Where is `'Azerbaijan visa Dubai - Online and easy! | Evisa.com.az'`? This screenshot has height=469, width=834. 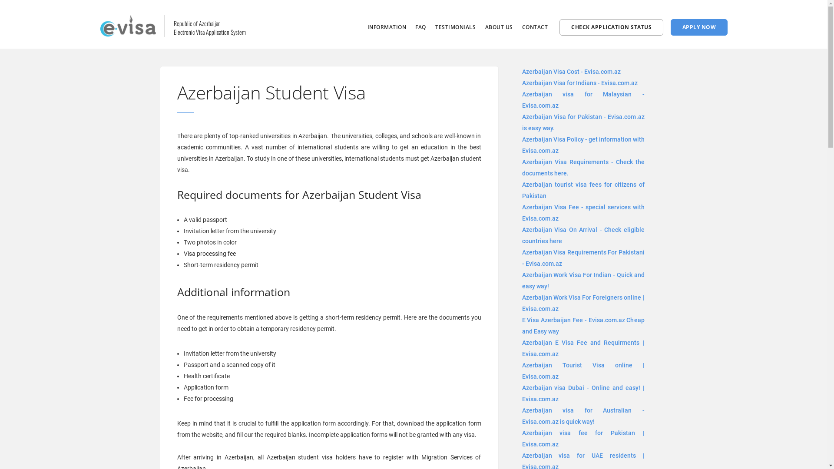
'Azerbaijan visa Dubai - Online and easy! | Evisa.com.az' is located at coordinates (583, 393).